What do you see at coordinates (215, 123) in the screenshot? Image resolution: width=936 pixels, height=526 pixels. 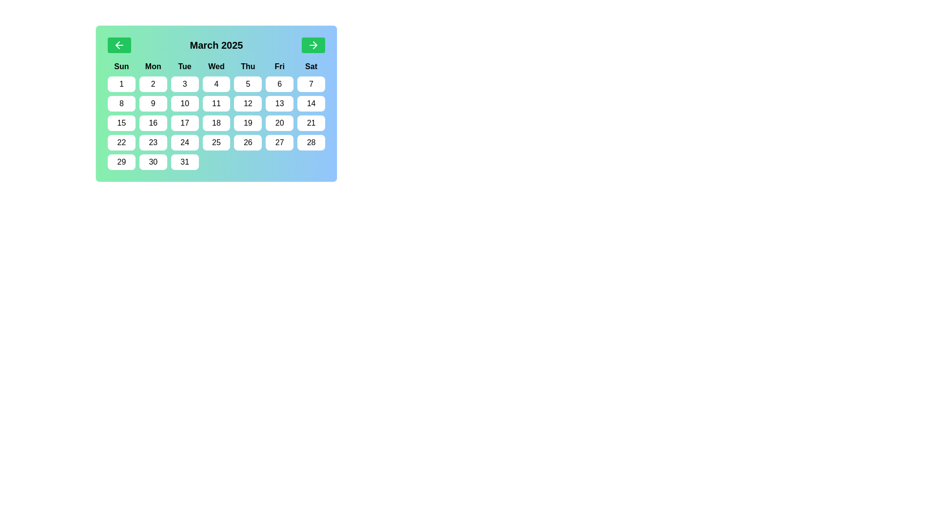 I see `the button representing the calendar date '18'` at bounding box center [215, 123].